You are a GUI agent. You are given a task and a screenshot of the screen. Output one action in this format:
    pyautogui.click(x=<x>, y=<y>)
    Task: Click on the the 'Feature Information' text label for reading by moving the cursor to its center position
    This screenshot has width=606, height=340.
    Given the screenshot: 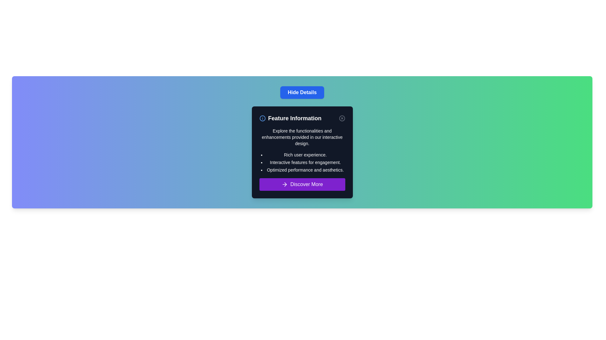 What is the action you would take?
    pyautogui.click(x=290, y=118)
    